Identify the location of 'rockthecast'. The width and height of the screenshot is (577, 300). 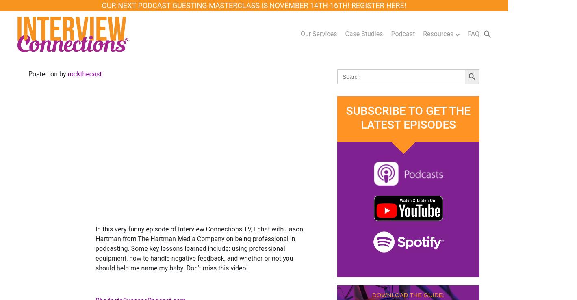
(85, 74).